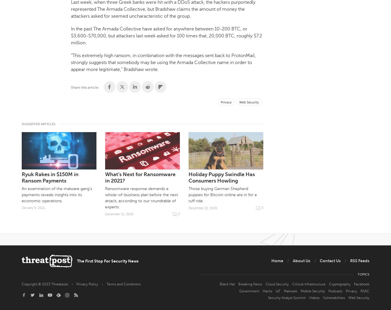 Image resolution: width=391 pixels, height=310 pixels. Describe the element at coordinates (262, 207) in the screenshot. I see `'3'` at that location.